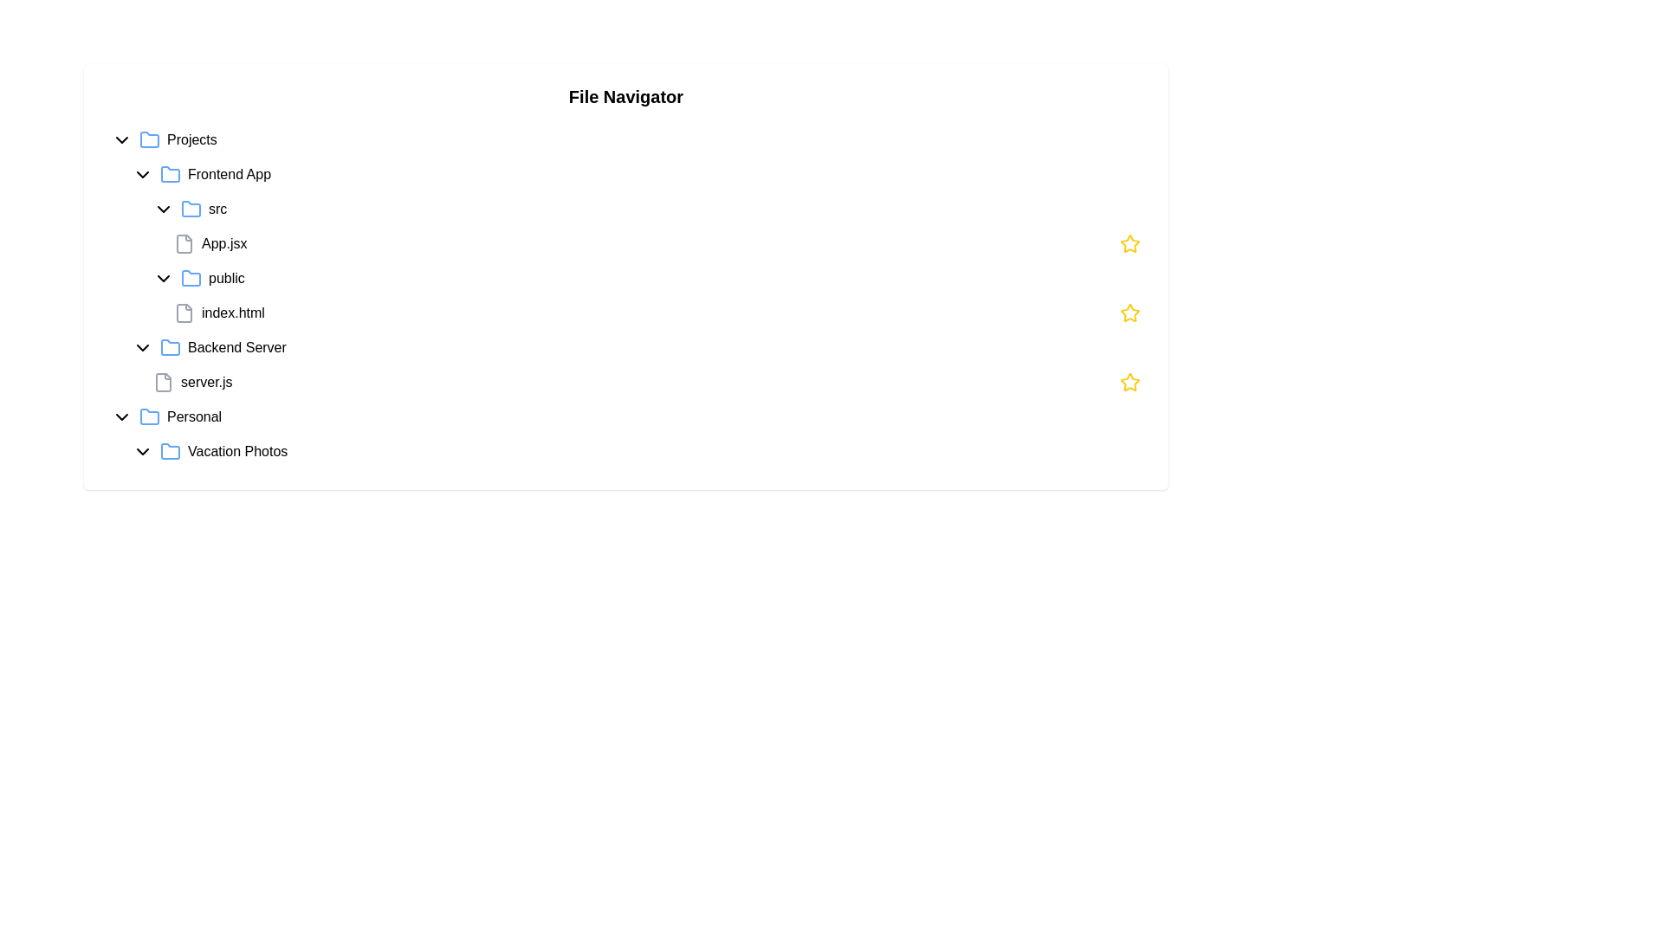 The image size is (1663, 935). Describe the element at coordinates (206, 382) in the screenshot. I see `the text label displaying 'server.js', which is positioned under the 'Backend Server' folder in the file navigation interface` at that location.